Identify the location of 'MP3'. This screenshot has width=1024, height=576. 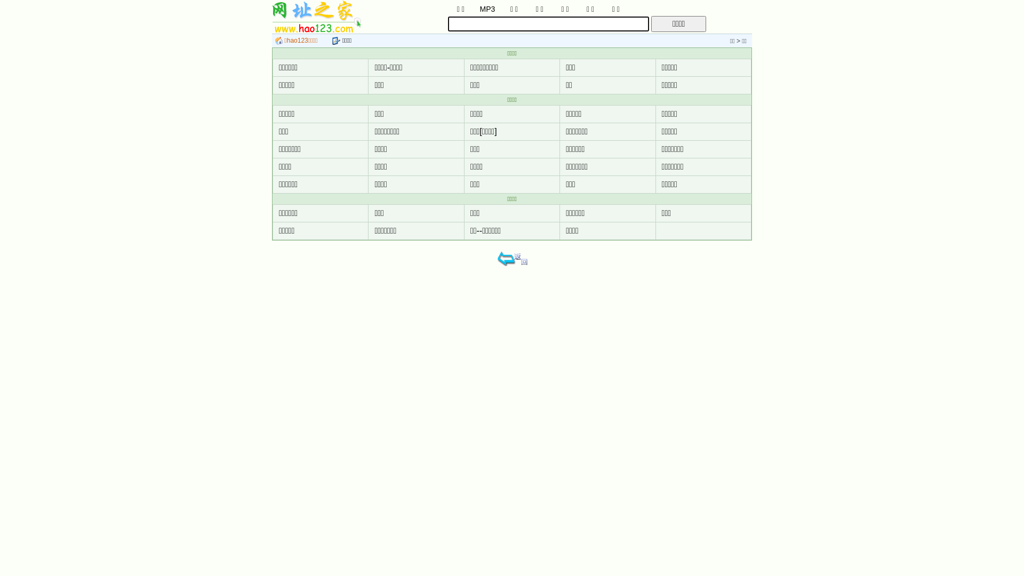
(486, 8).